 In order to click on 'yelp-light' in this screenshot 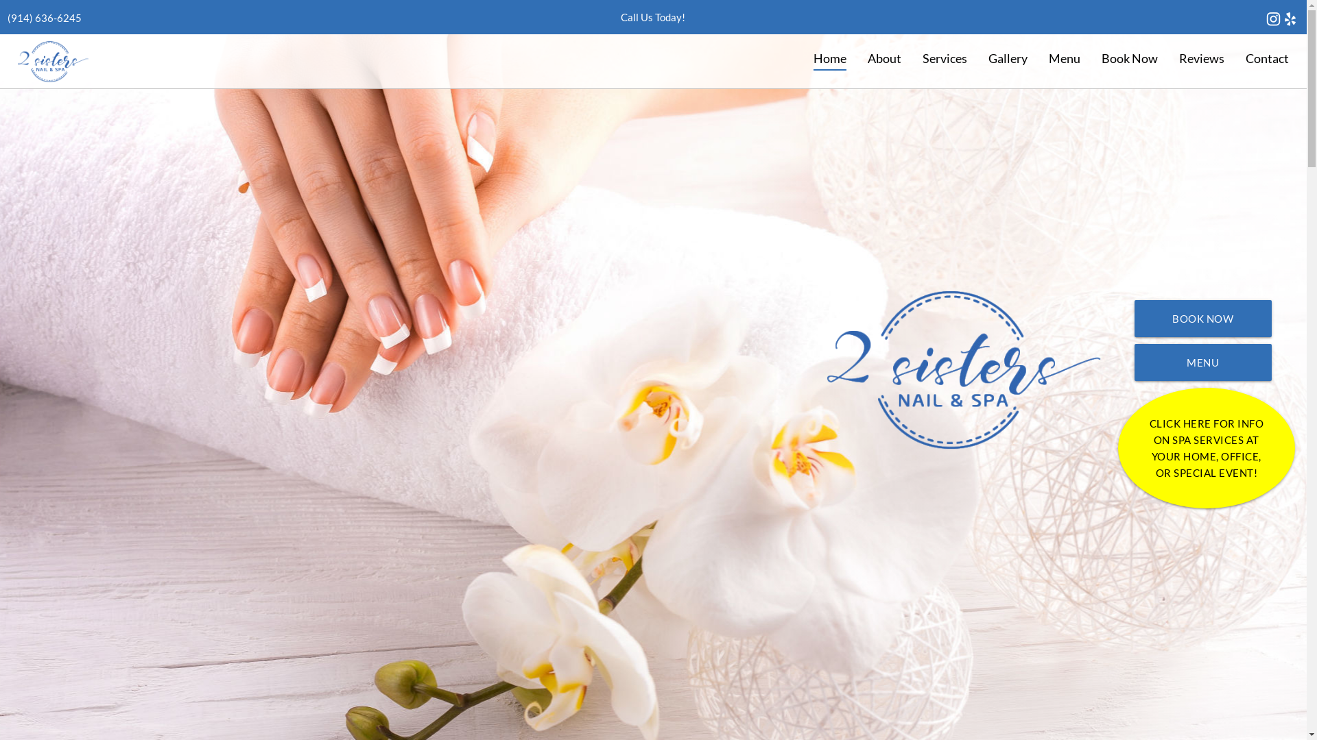, I will do `click(1281, 18)`.